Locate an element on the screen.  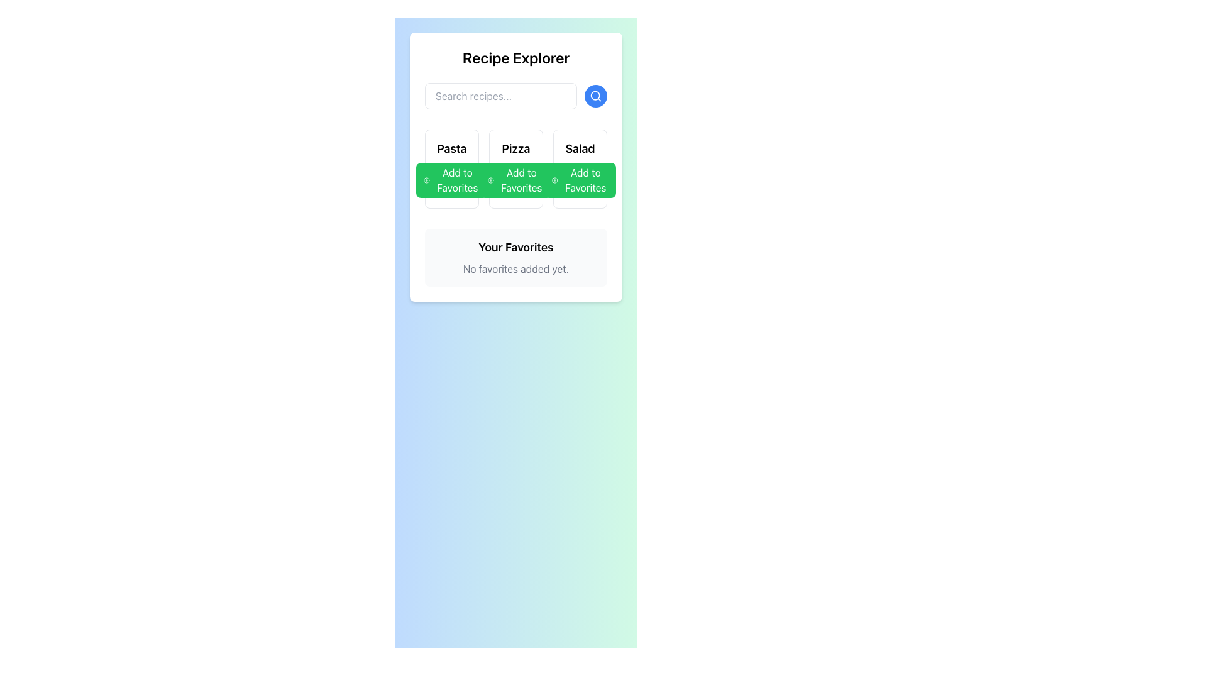
the search icon located within the interactive blue circular button at the top-right corner of the central card layout is located at coordinates (595, 96).